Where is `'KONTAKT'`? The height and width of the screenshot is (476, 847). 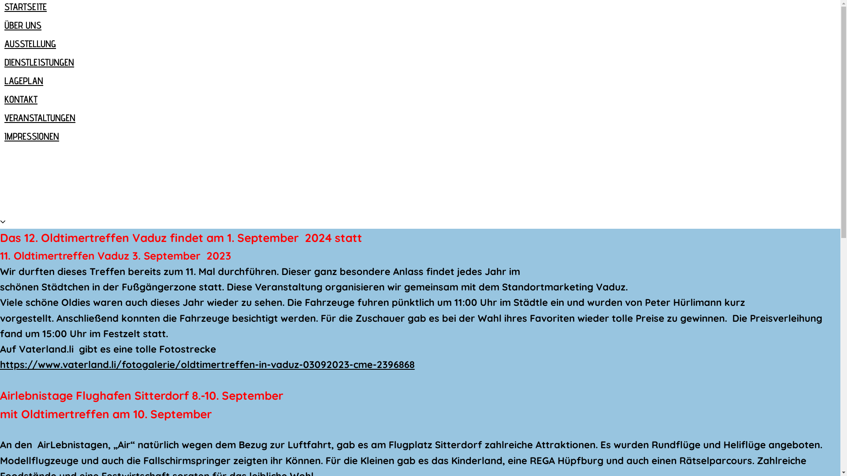
'KONTAKT' is located at coordinates (21, 99).